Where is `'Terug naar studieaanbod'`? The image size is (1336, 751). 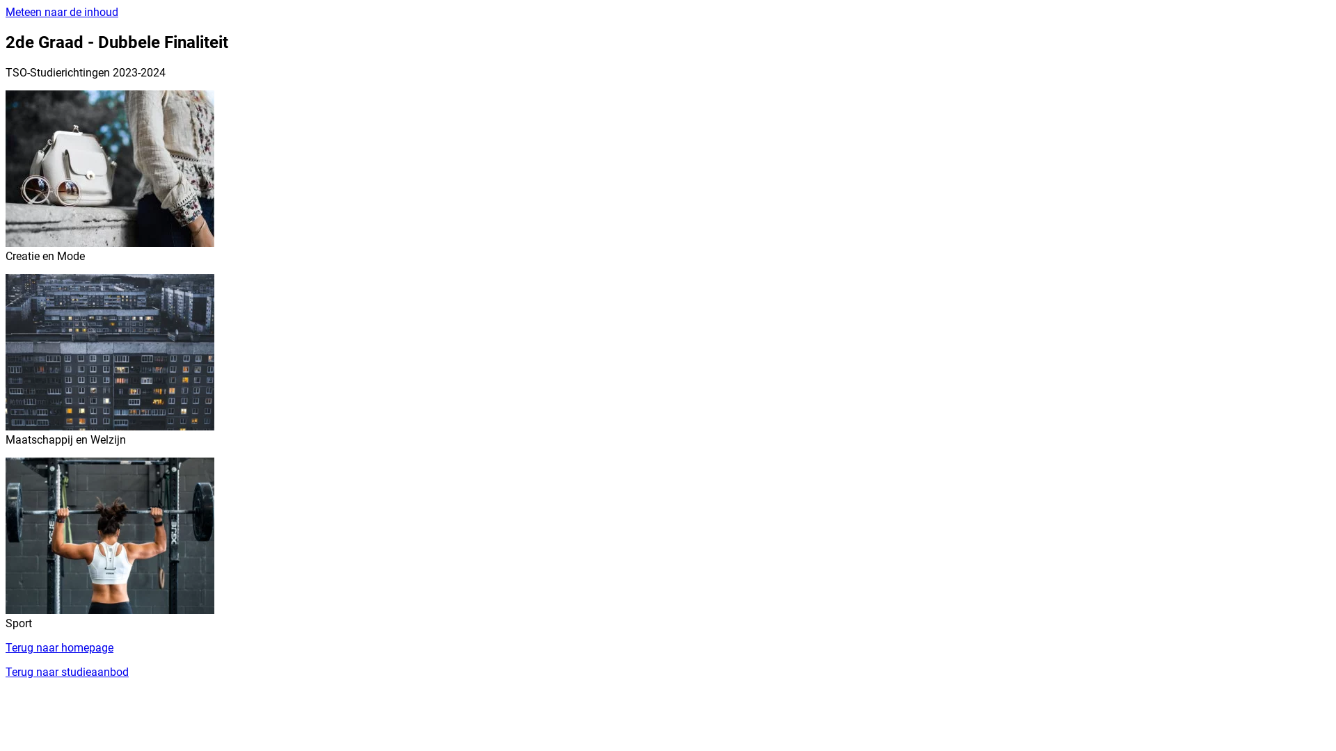
'Terug naar studieaanbod' is located at coordinates (66, 671).